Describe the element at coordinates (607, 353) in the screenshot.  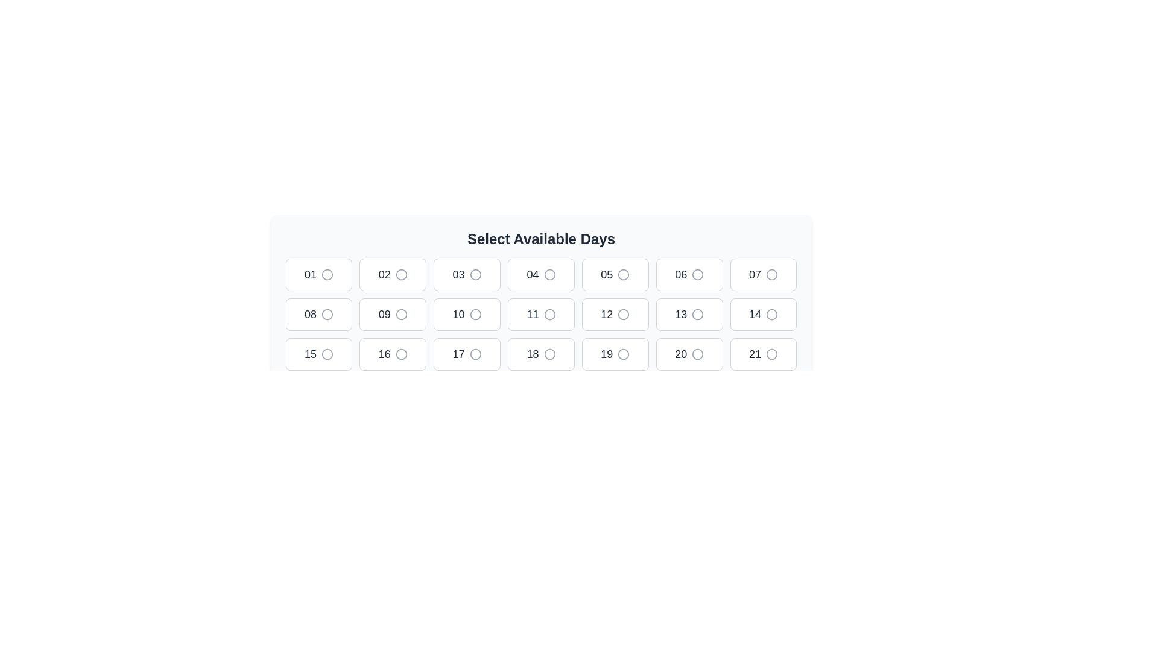
I see `the text label displaying the number '19' within the button component located in the third row and fourth column of the grid layout` at that location.